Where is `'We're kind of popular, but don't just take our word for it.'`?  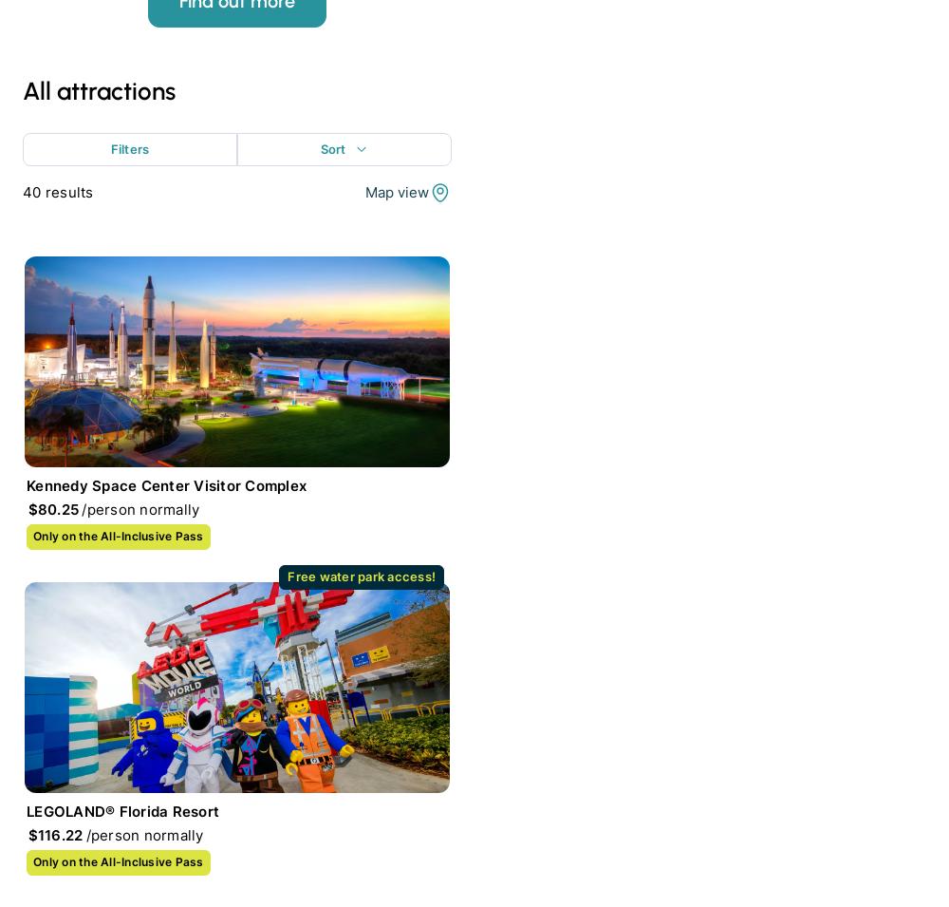
'We're kind of popular, but don't just take our word for it.' is located at coordinates (14, 49).